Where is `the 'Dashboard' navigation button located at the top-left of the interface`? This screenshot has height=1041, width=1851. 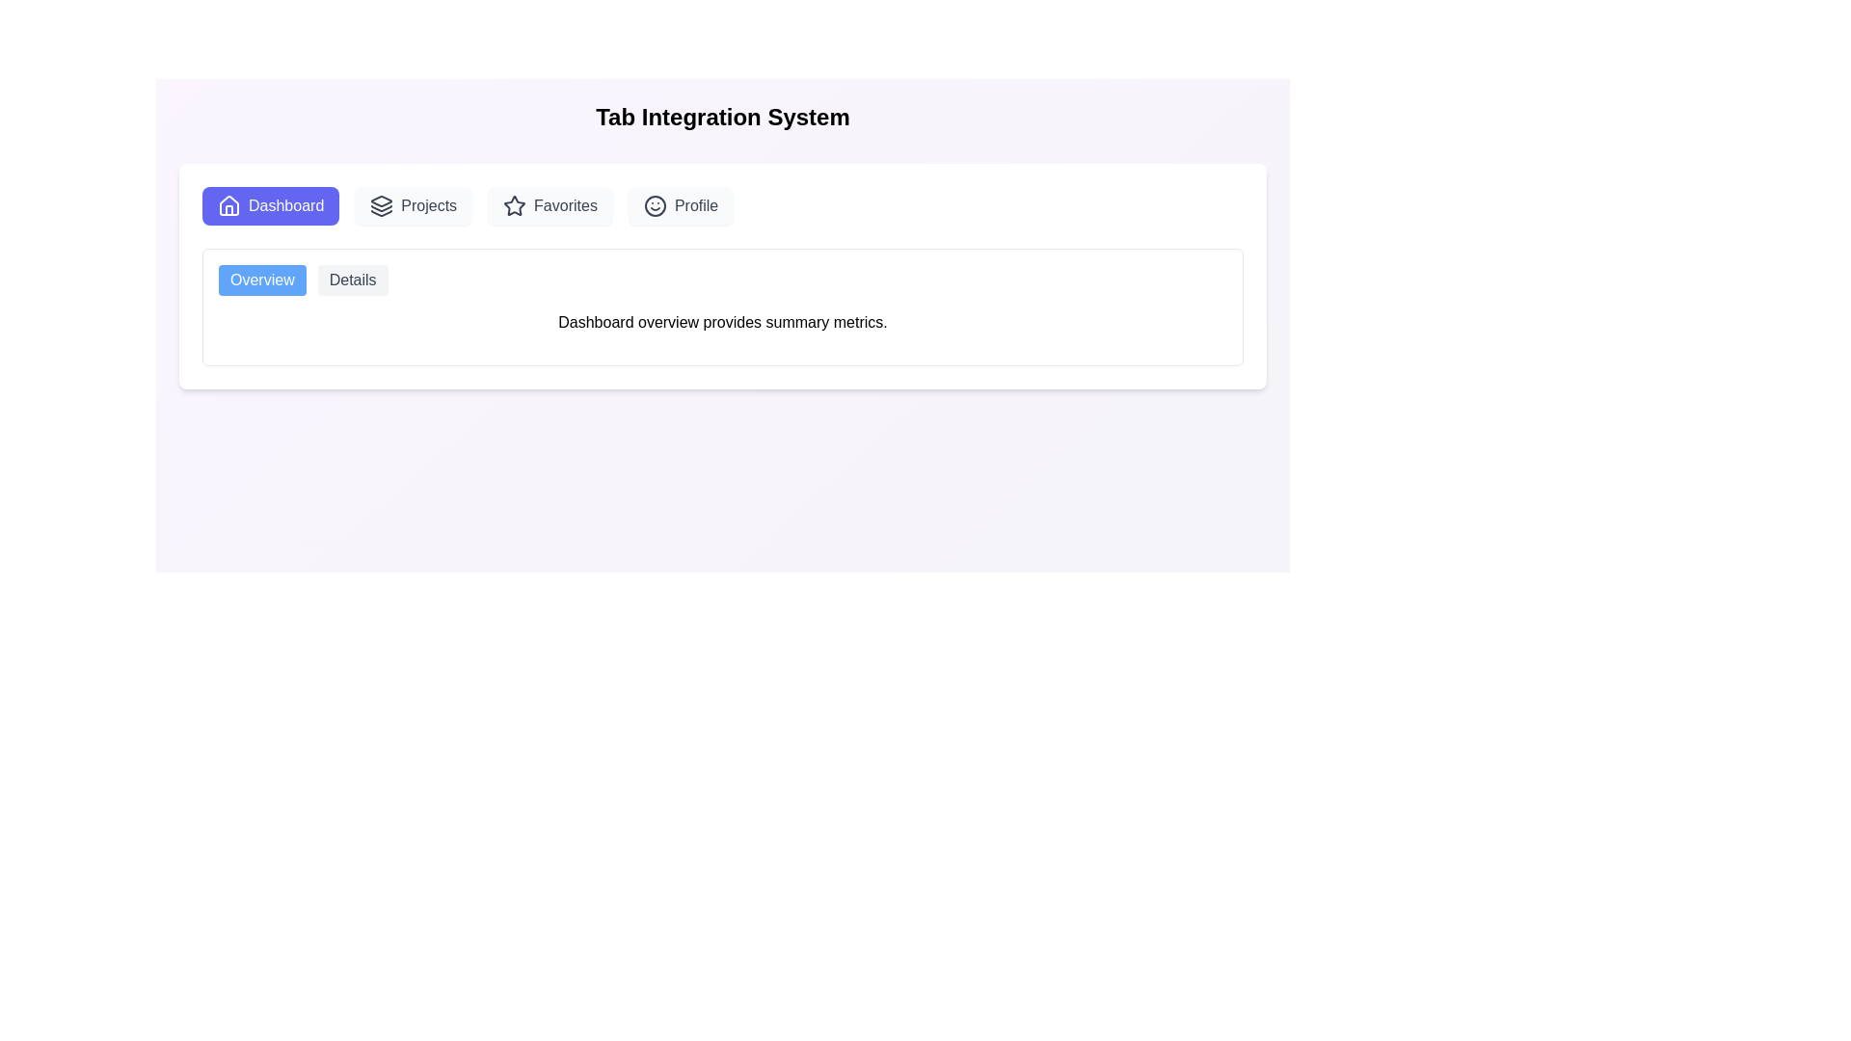 the 'Dashboard' navigation button located at the top-left of the interface is located at coordinates (270, 205).